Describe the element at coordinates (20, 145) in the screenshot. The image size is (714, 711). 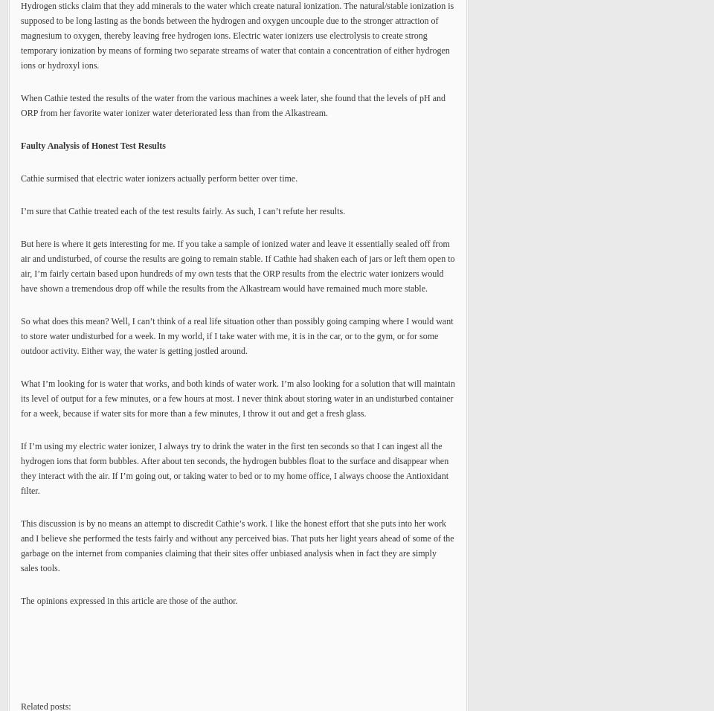
I see `'Faulty Analysis of Honest Test Results'` at that location.